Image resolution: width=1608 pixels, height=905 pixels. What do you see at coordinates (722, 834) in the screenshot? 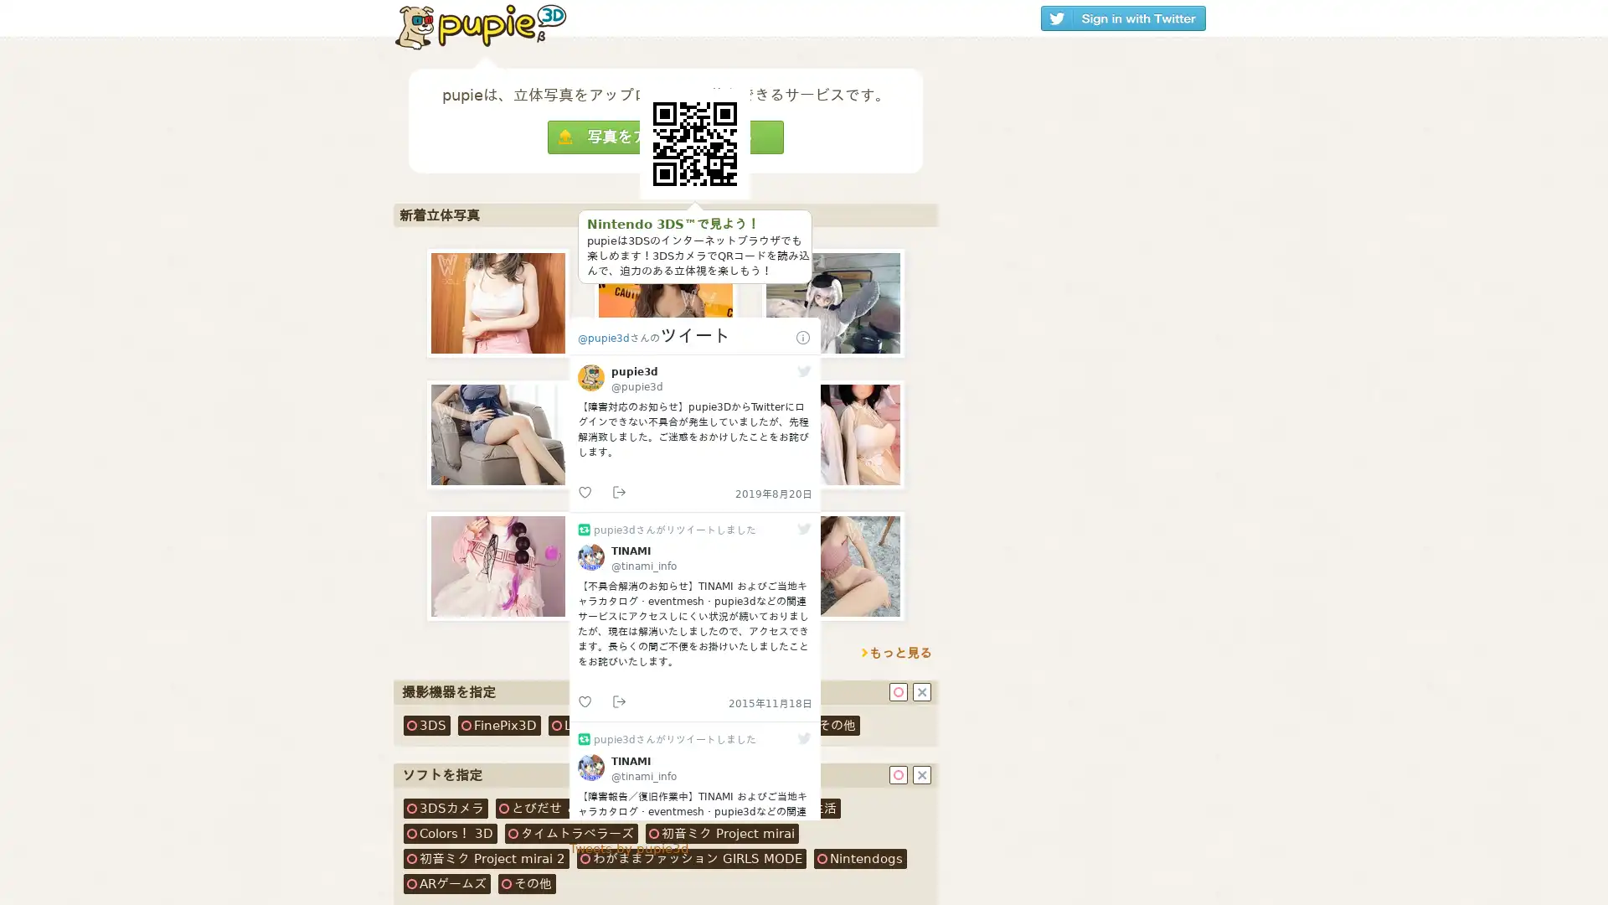
I see `Project mirai` at bounding box center [722, 834].